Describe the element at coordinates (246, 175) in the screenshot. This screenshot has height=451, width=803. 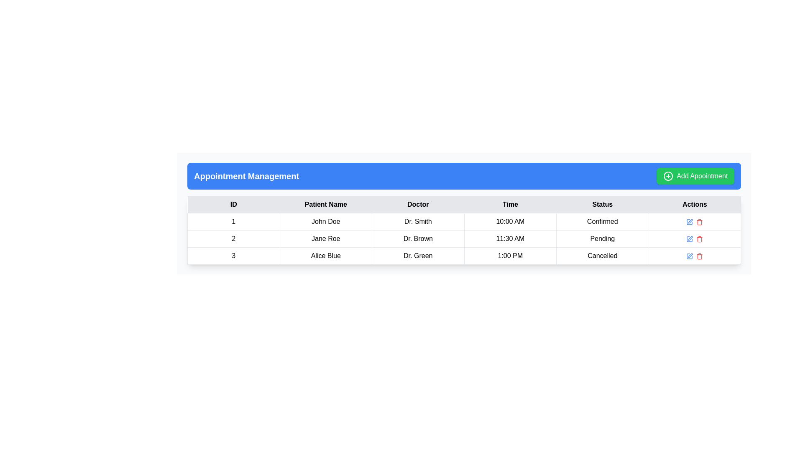
I see `the Text Label indicating the purpose of the 'Appointment Management' section, positioned left of the 'Add Appointment' button in the blue header bar` at that location.